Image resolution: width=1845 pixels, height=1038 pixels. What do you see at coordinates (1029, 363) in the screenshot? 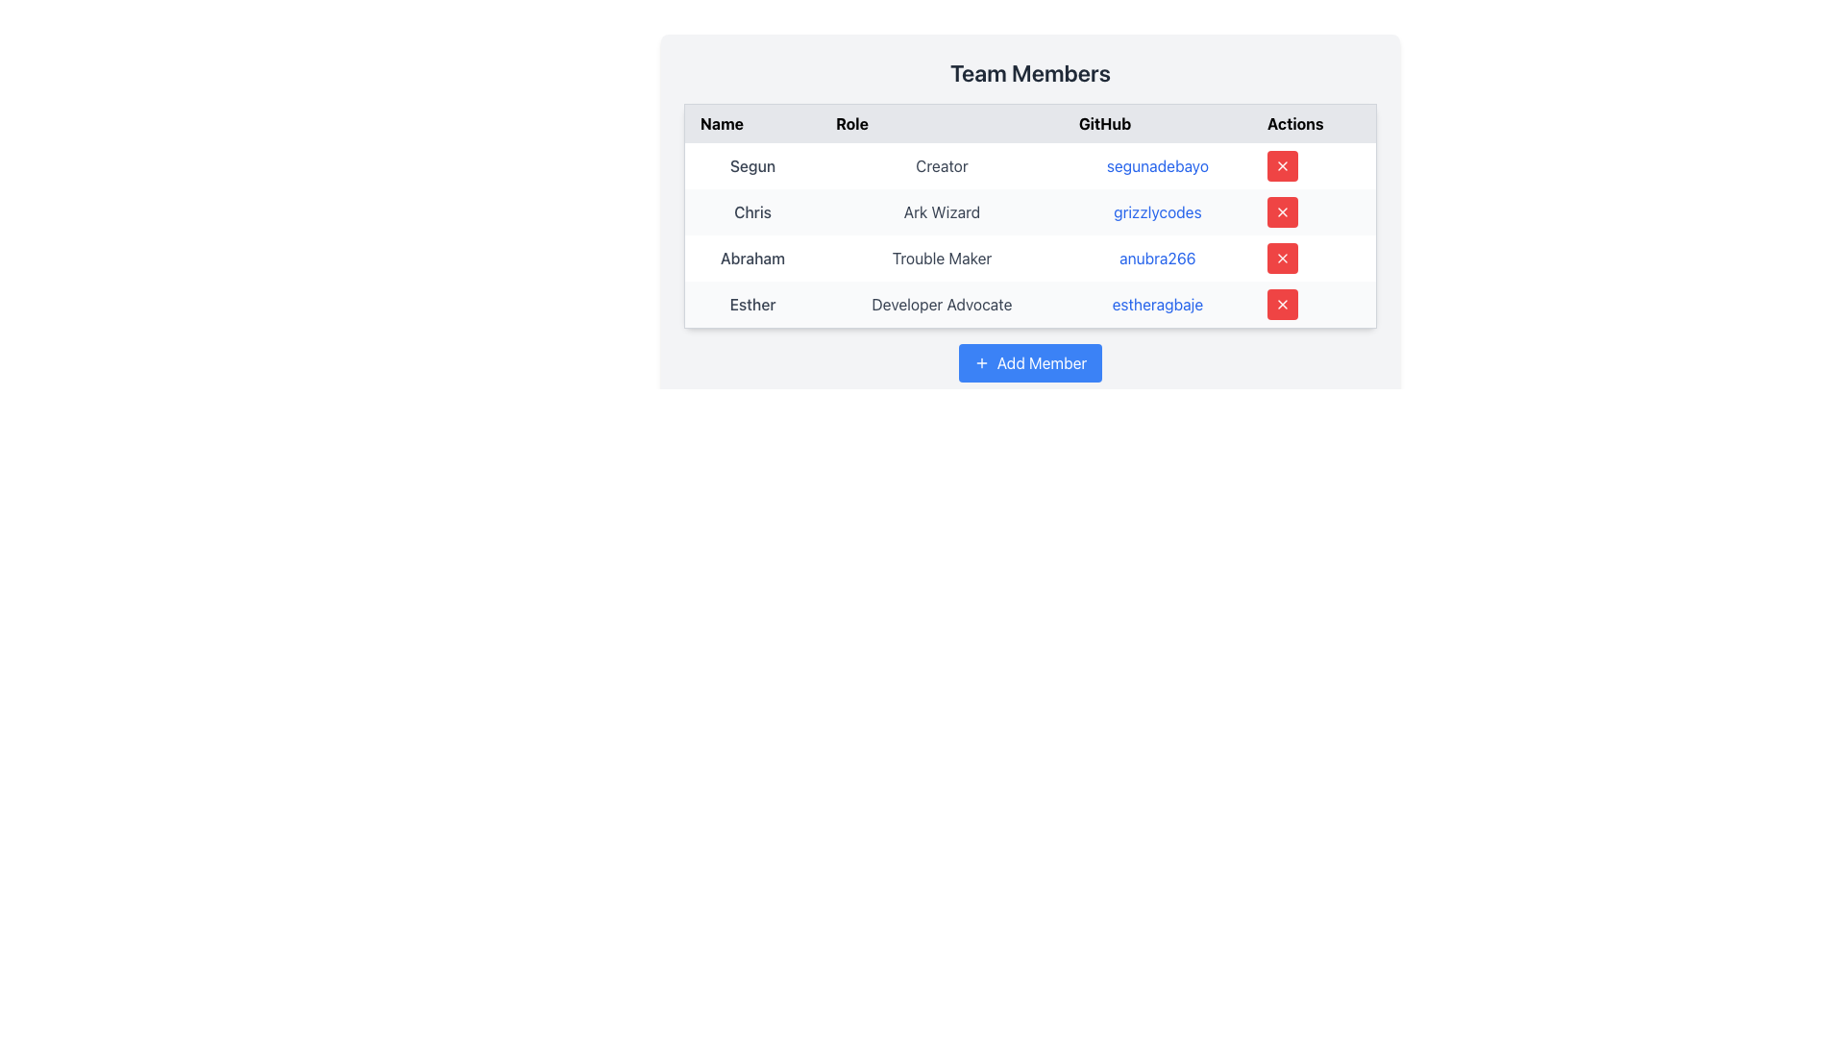
I see `the blue rectangular 'Add Member' button with rounded corners, labeled in white text and featuring a white plus icon` at bounding box center [1029, 363].